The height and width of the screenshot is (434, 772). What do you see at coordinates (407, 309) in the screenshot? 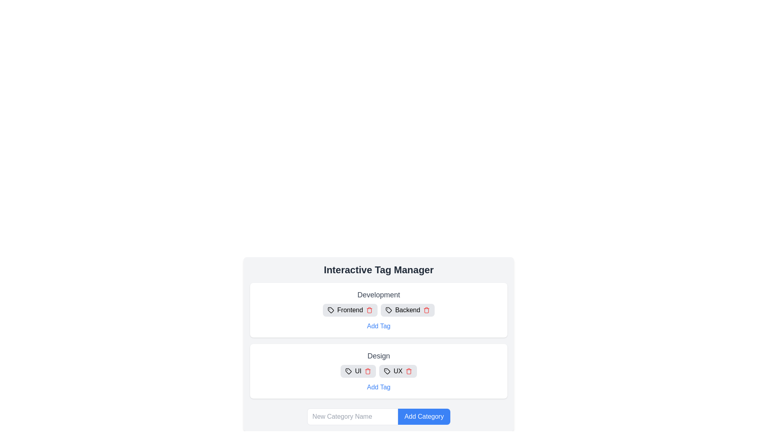
I see `the 'Backend' tag with delete functionality, which is a pill-shaped tag with a light gray background, black text, and a red delete icon, located in the 'Development' section of the 'Interactive Tag Manager'` at bounding box center [407, 309].